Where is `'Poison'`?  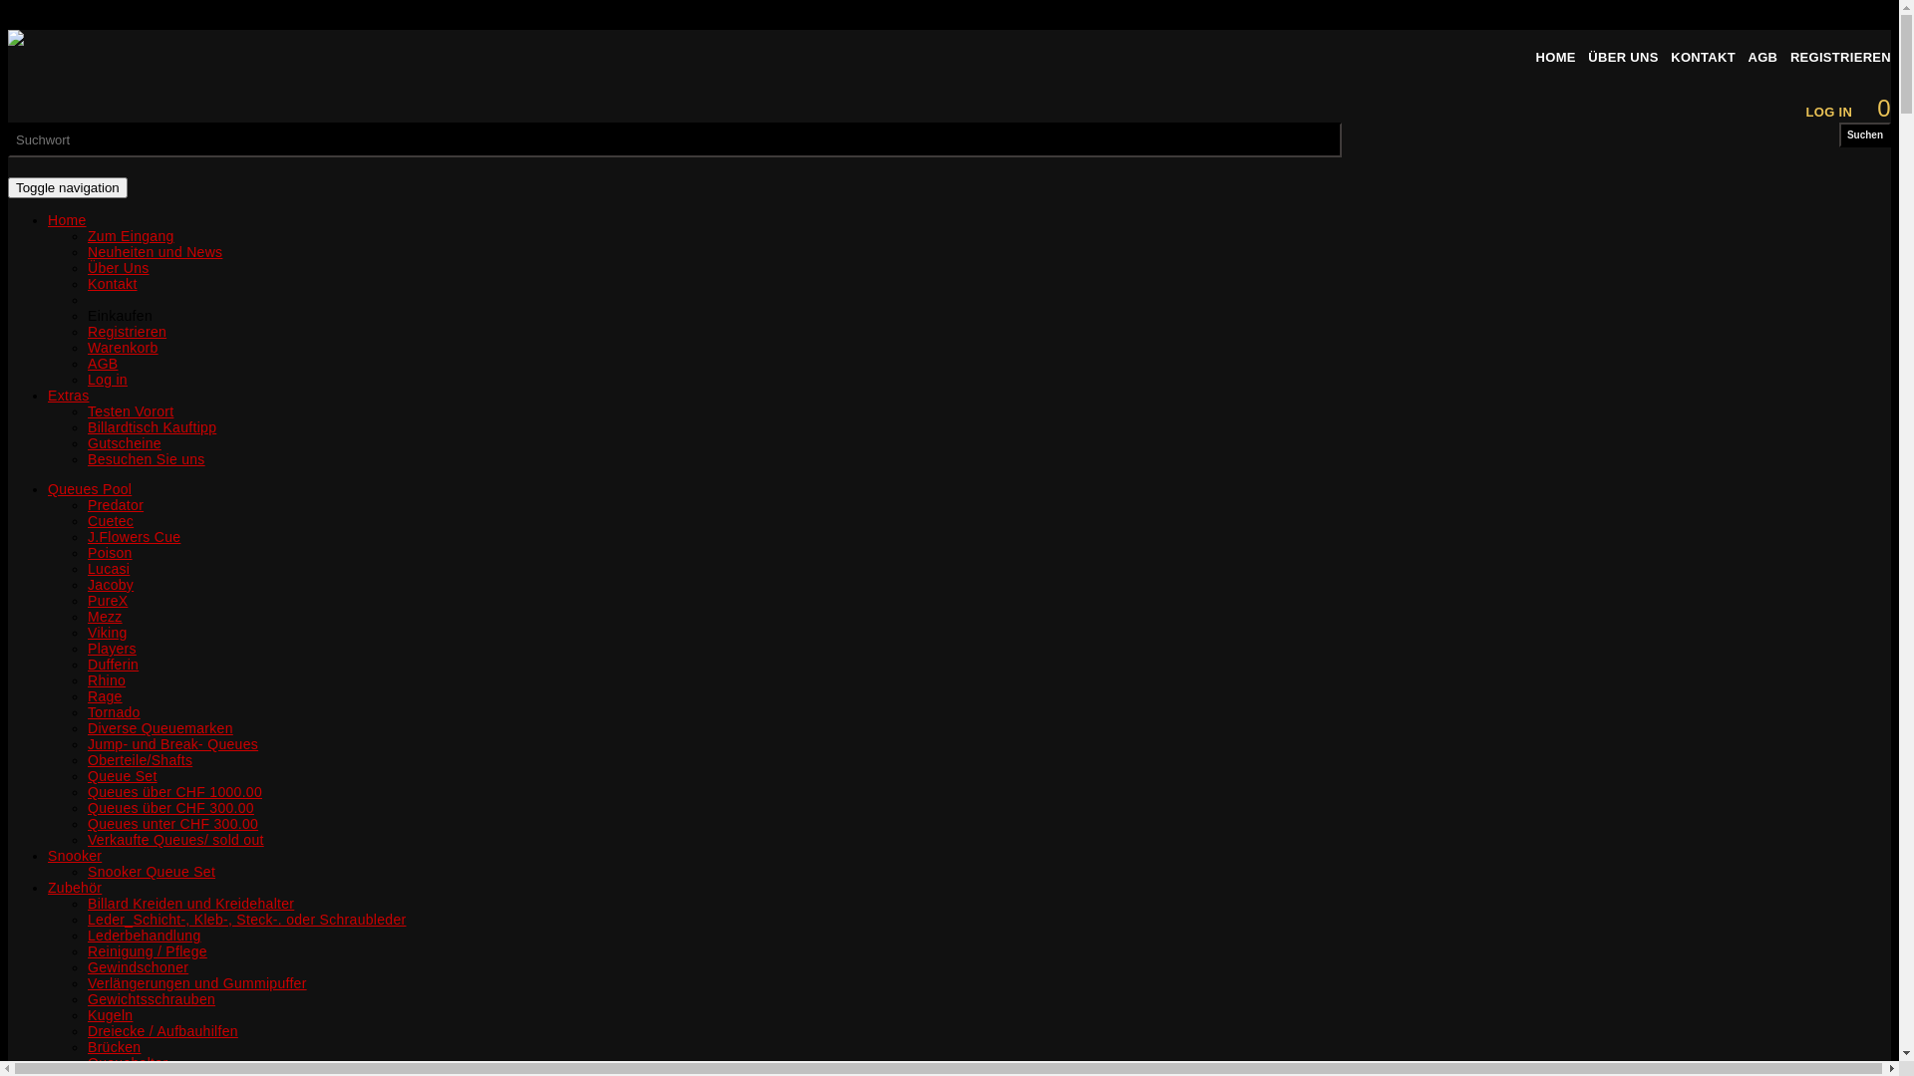 'Poison' is located at coordinates (109, 553).